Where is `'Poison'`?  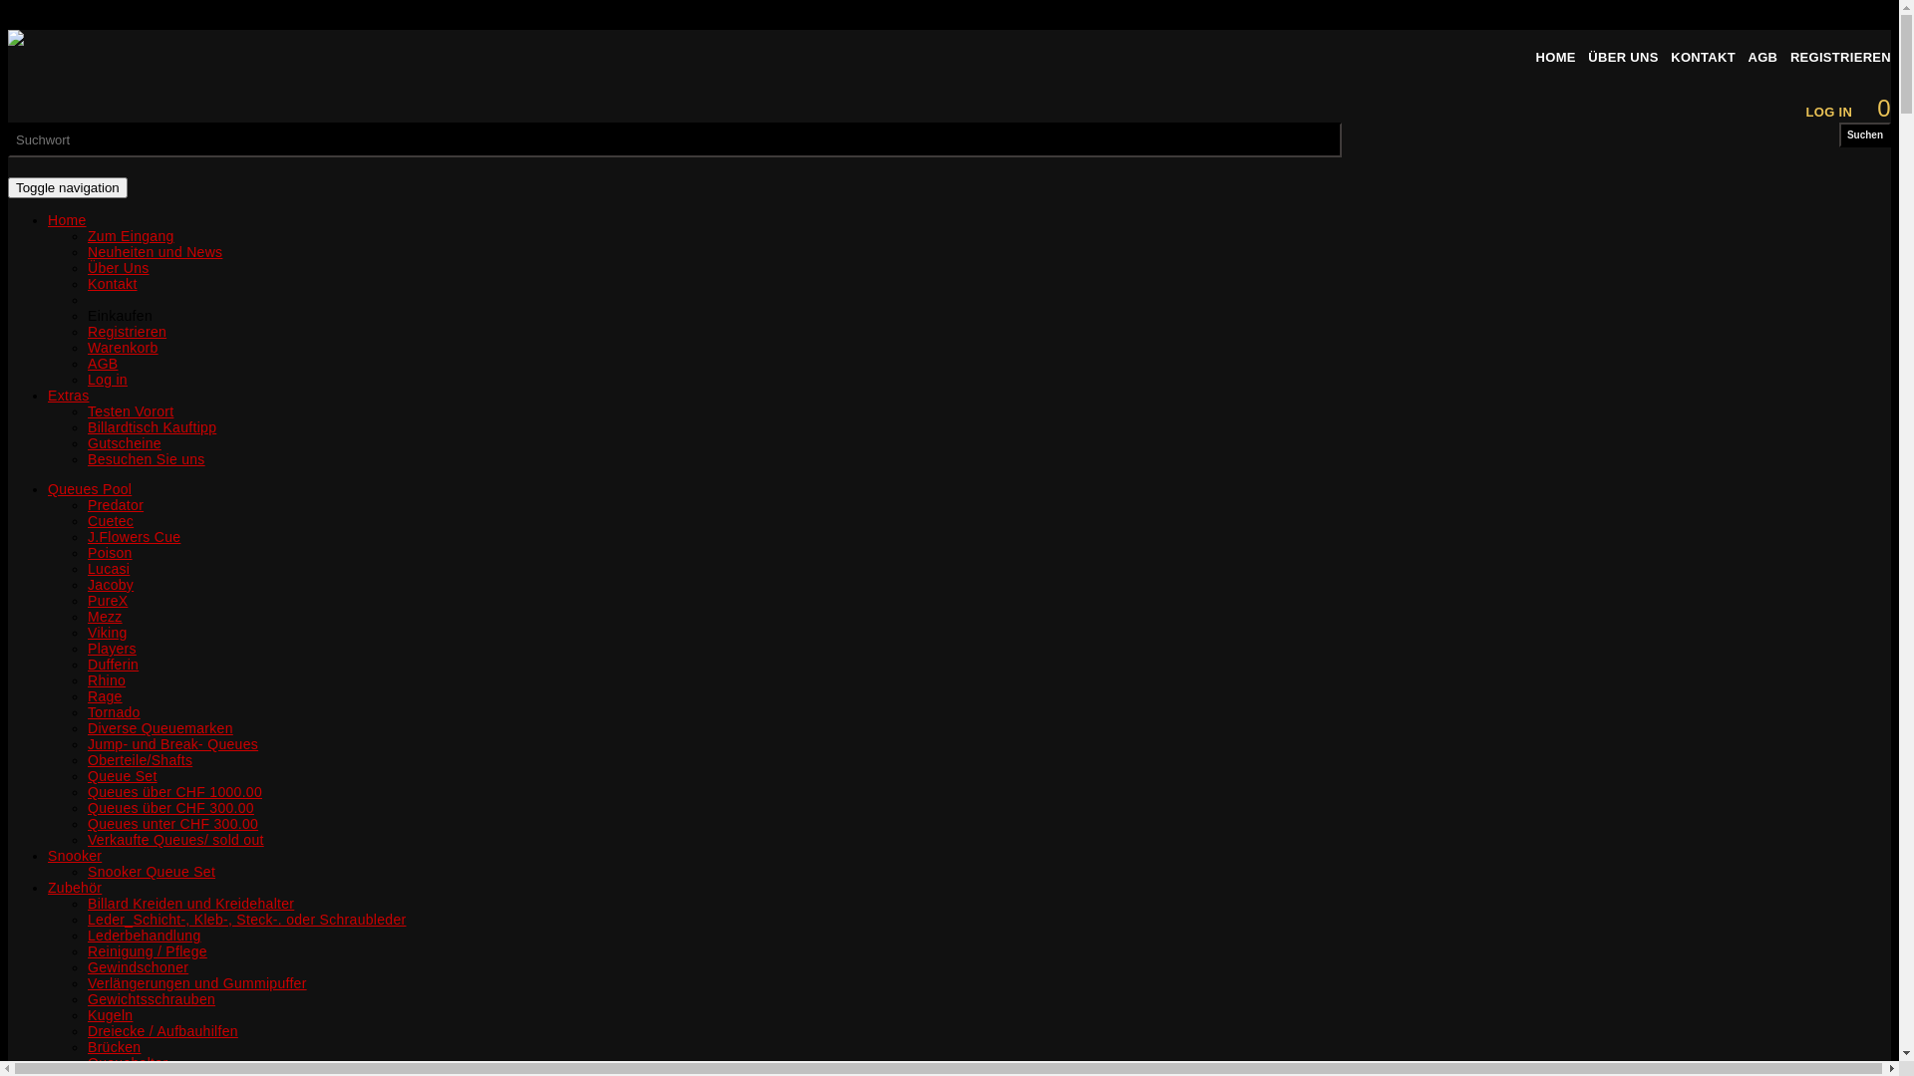 'Poison' is located at coordinates (109, 553).